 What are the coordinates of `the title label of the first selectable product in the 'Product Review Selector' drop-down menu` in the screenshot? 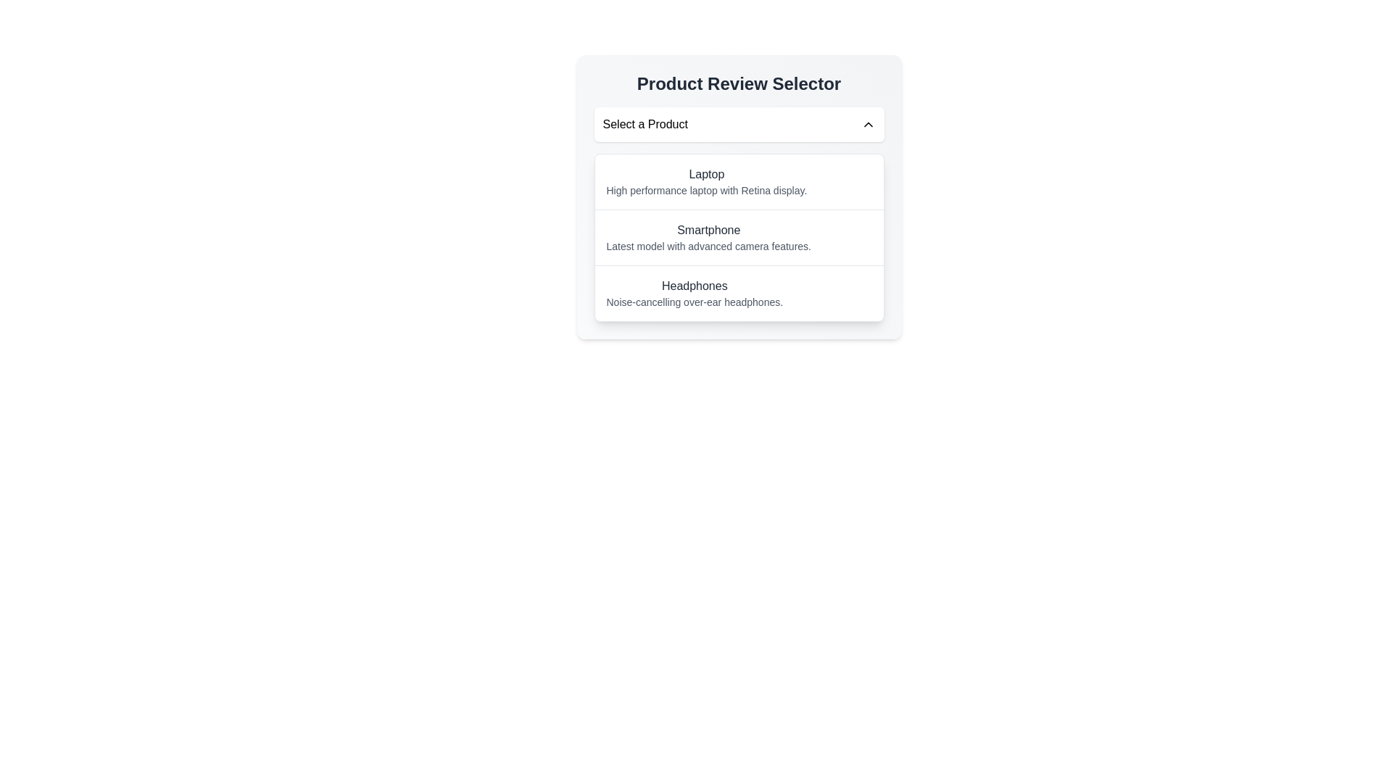 It's located at (706, 173).